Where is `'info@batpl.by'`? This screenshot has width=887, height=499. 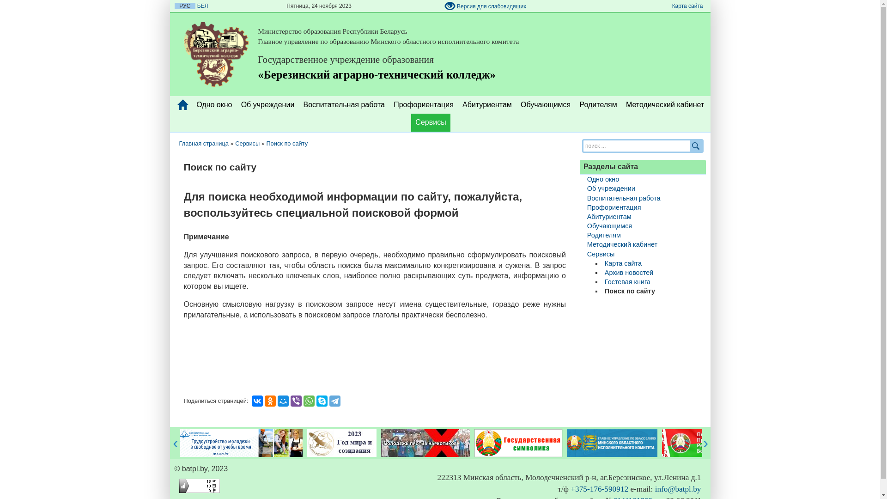 'info@batpl.by' is located at coordinates (678, 488).